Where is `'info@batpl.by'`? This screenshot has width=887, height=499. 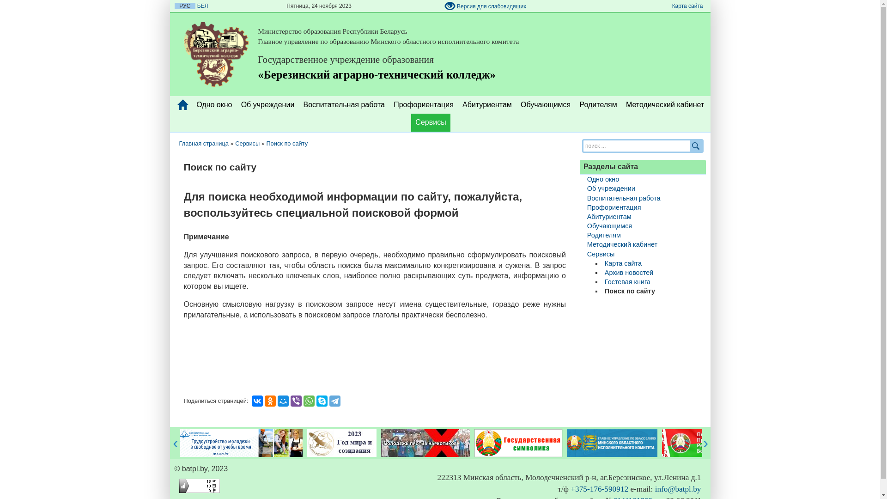 'info@batpl.by' is located at coordinates (678, 488).